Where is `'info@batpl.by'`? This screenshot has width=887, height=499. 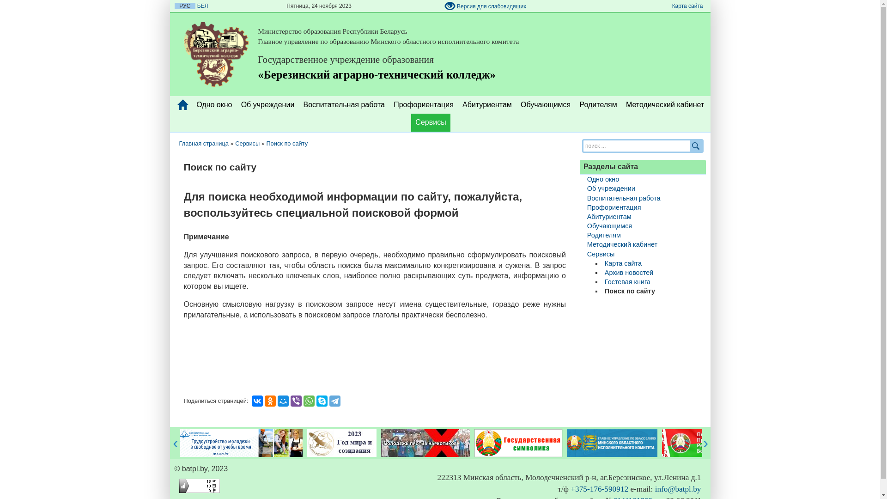 'info@batpl.by' is located at coordinates (678, 488).